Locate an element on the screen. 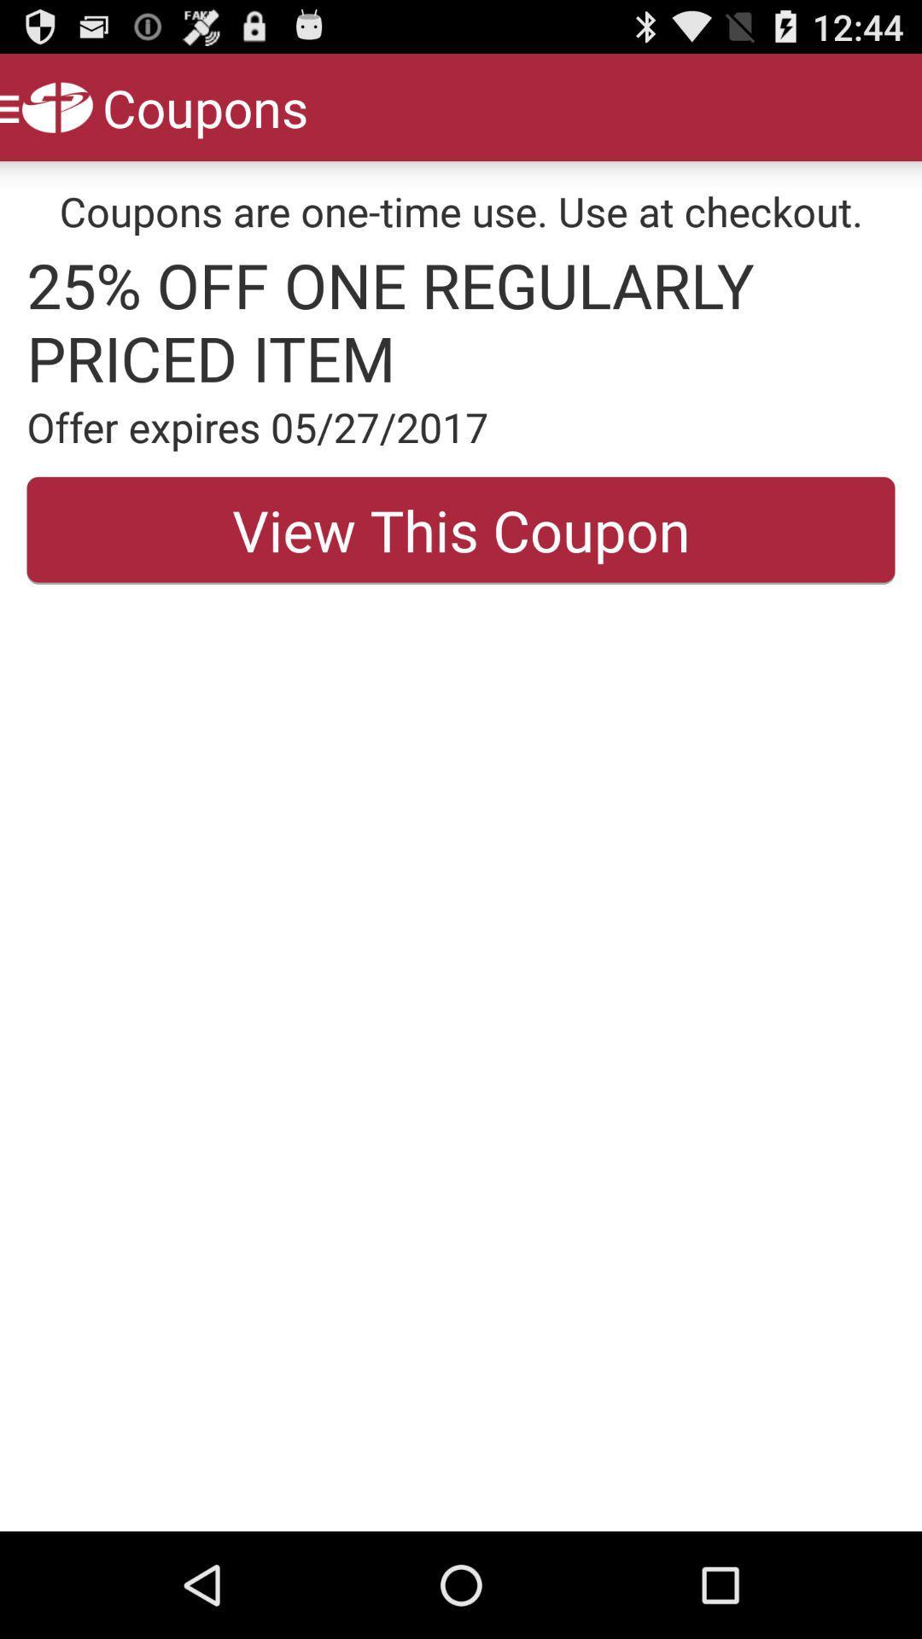 Image resolution: width=922 pixels, height=1639 pixels. the view this coupon button is located at coordinates (461, 529).